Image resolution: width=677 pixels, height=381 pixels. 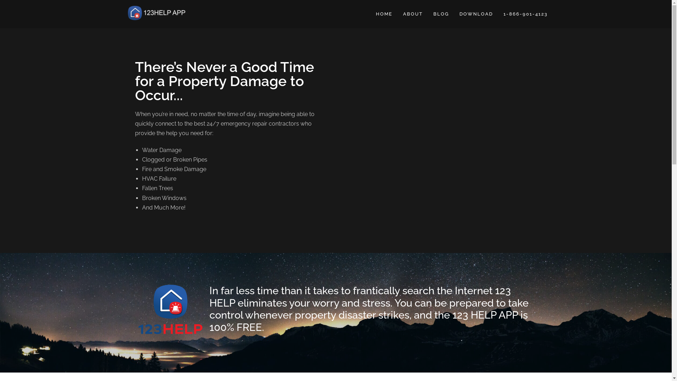 What do you see at coordinates (525, 14) in the screenshot?
I see `'1-866-901-4123'` at bounding box center [525, 14].